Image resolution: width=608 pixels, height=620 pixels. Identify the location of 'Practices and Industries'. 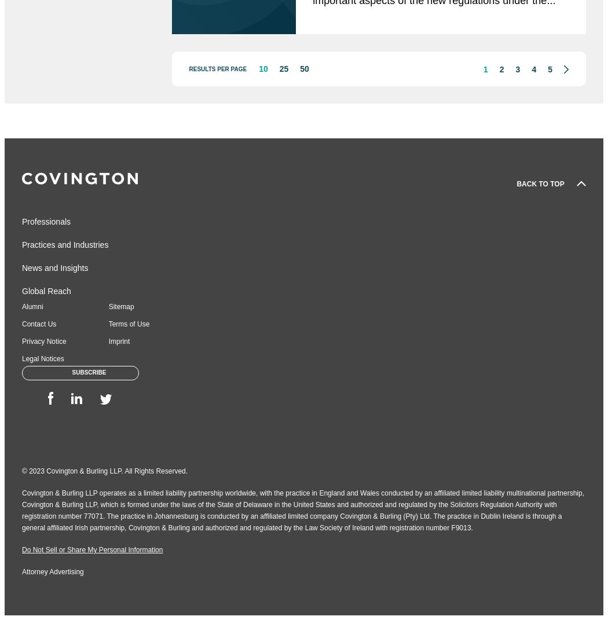
(65, 245).